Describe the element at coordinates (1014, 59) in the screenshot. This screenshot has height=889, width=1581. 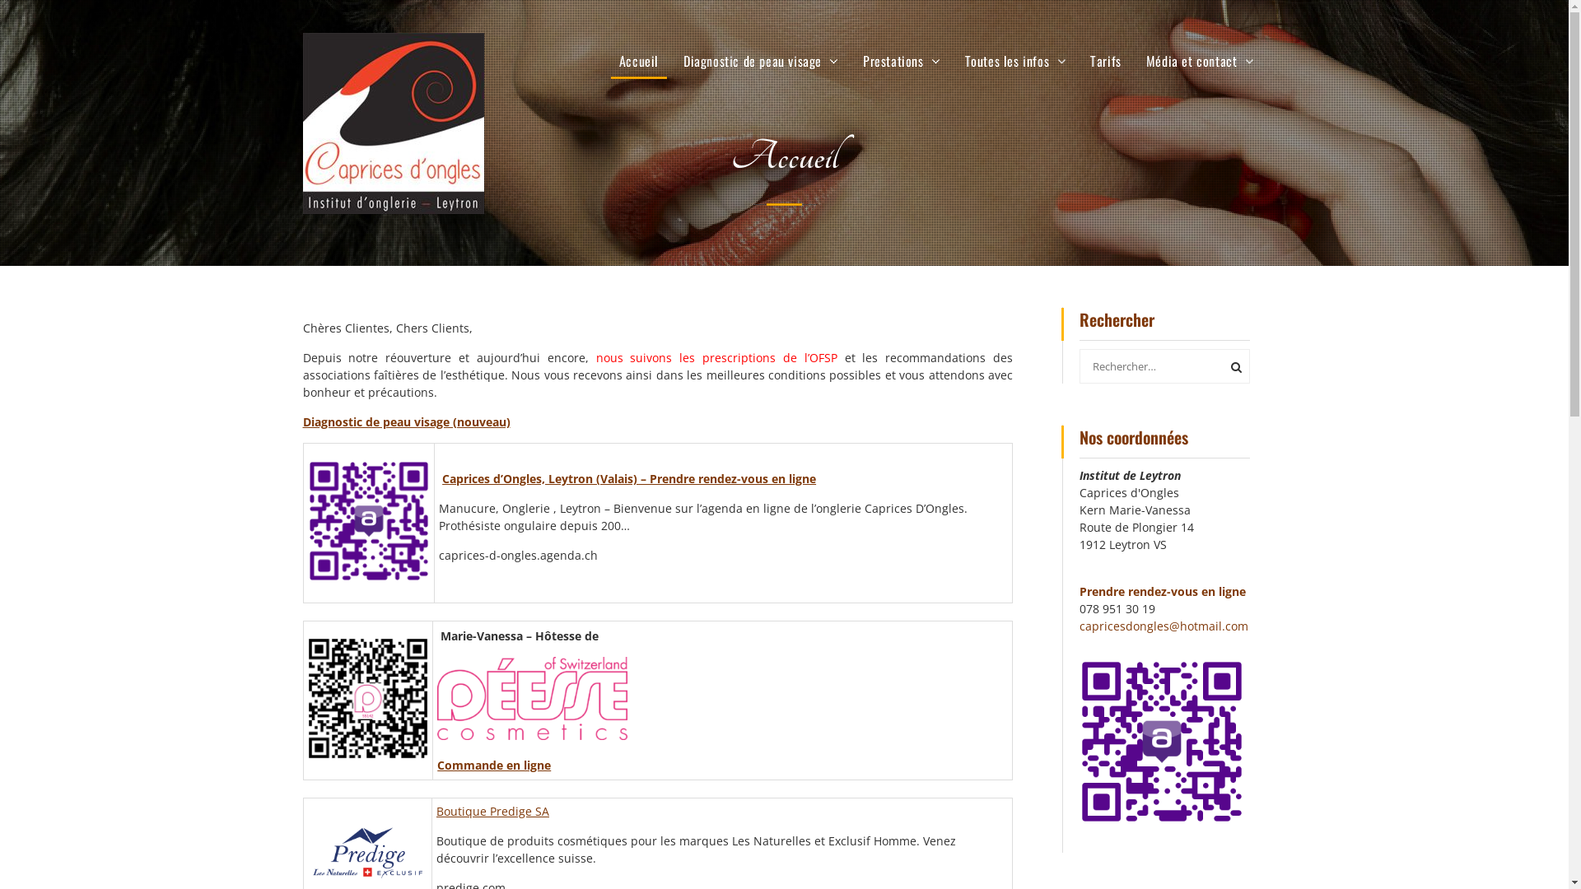
I see `'Toutes les infos'` at that location.